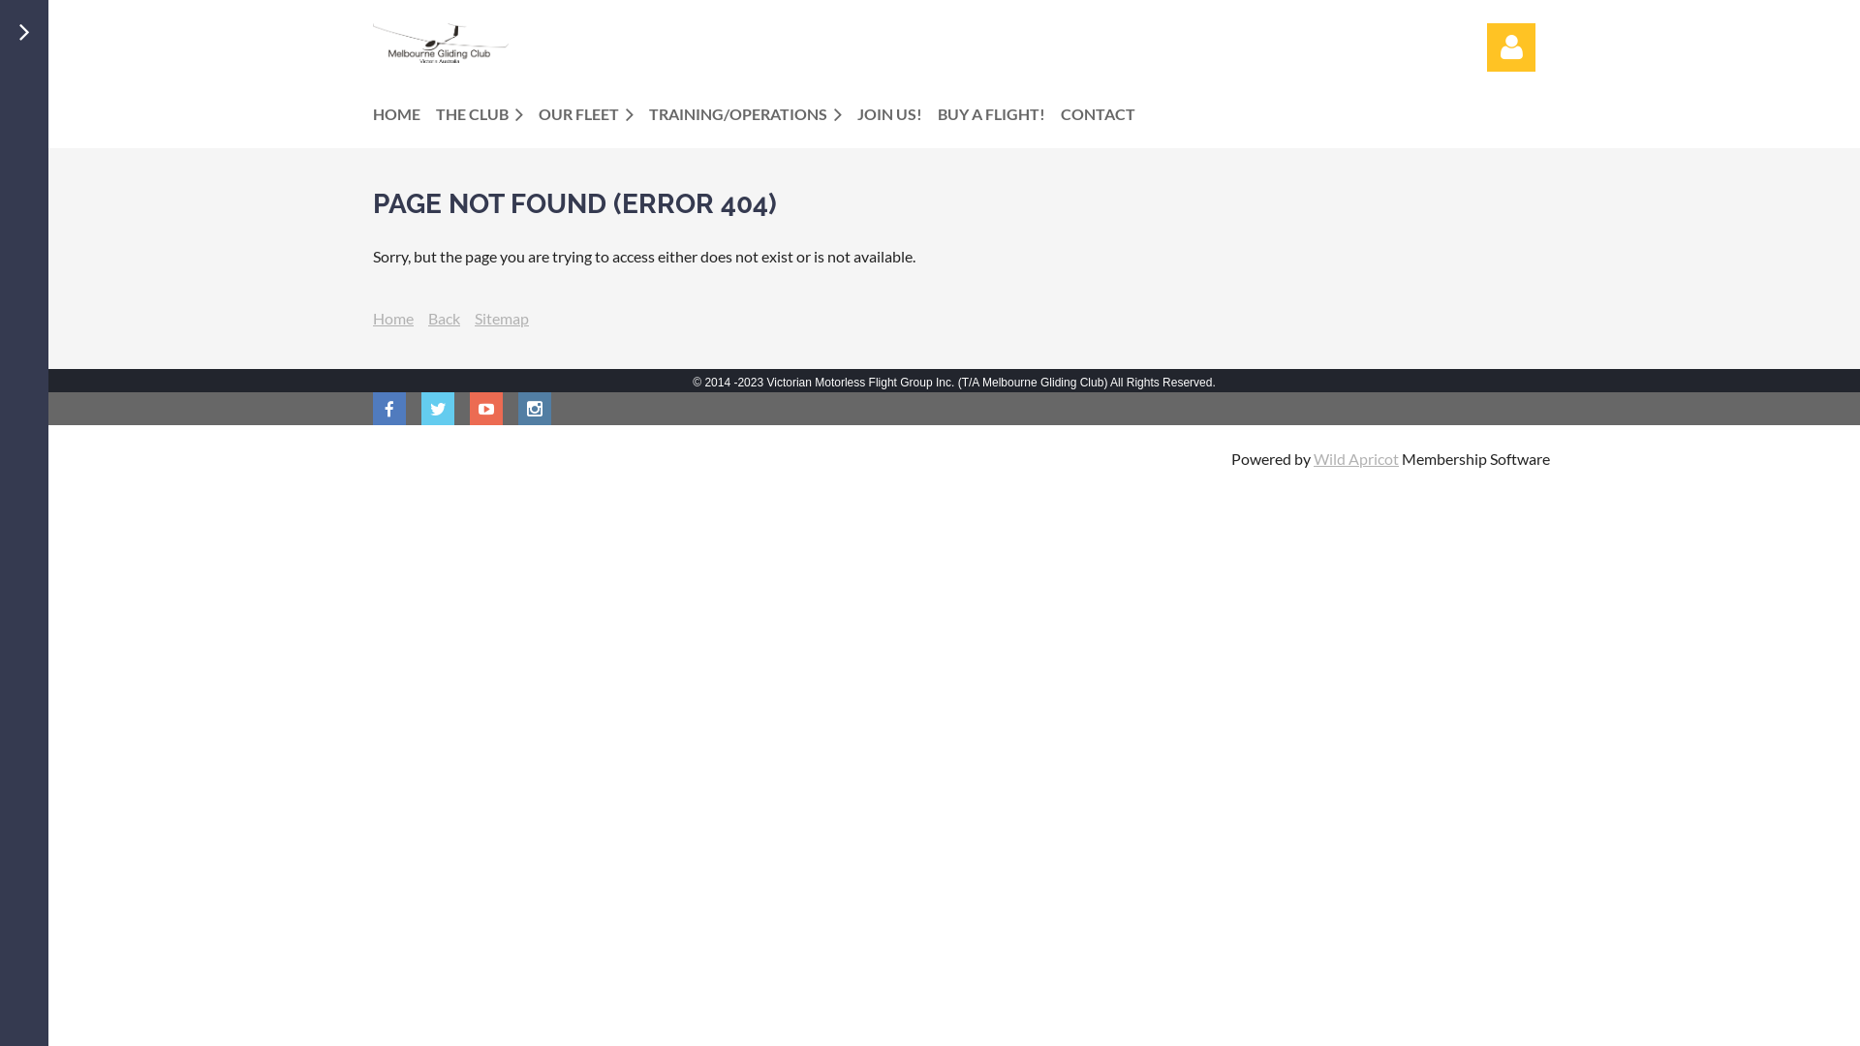  I want to click on 'Instagram', so click(535, 407).